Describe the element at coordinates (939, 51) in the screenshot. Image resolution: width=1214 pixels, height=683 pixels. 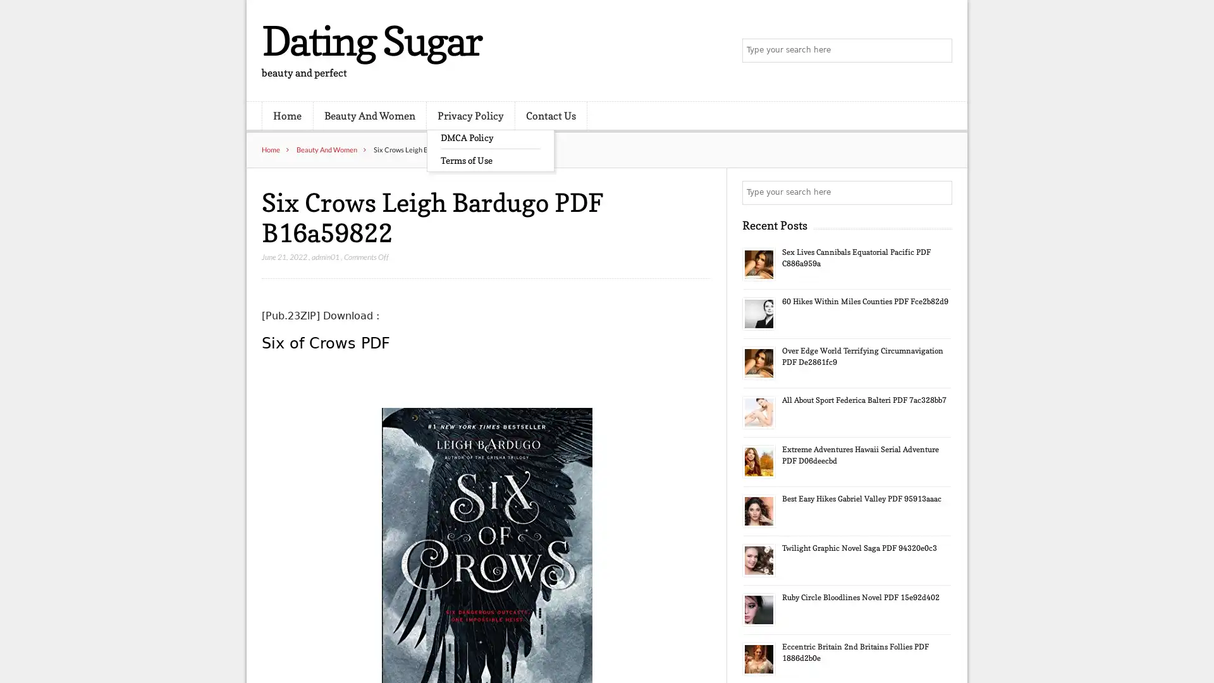
I see `Search` at that location.